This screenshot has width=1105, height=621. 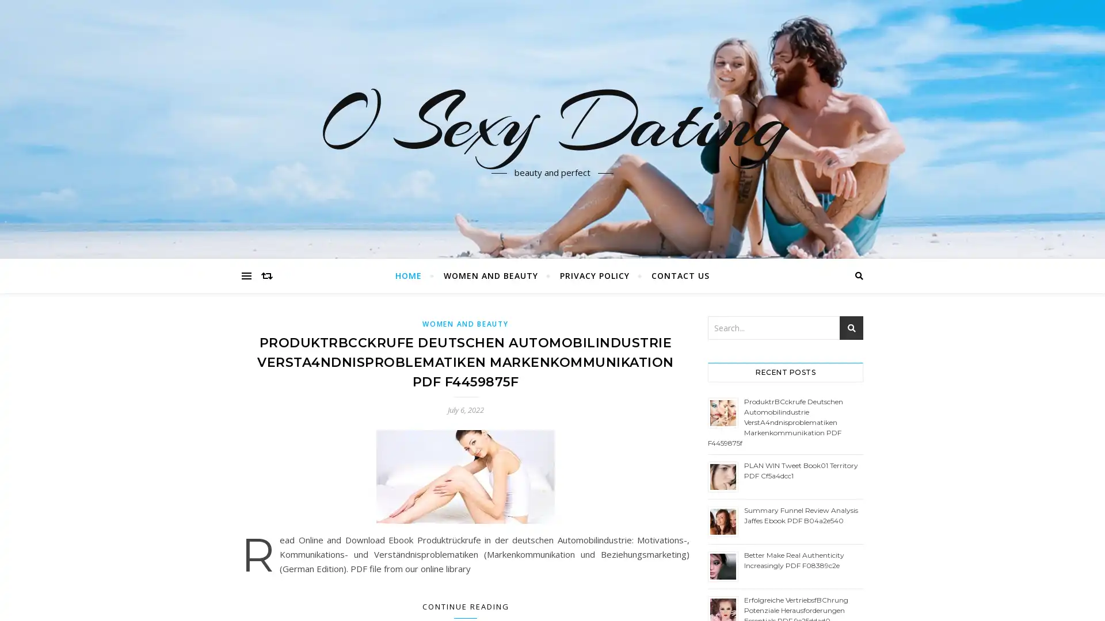 I want to click on st, so click(x=851, y=328).